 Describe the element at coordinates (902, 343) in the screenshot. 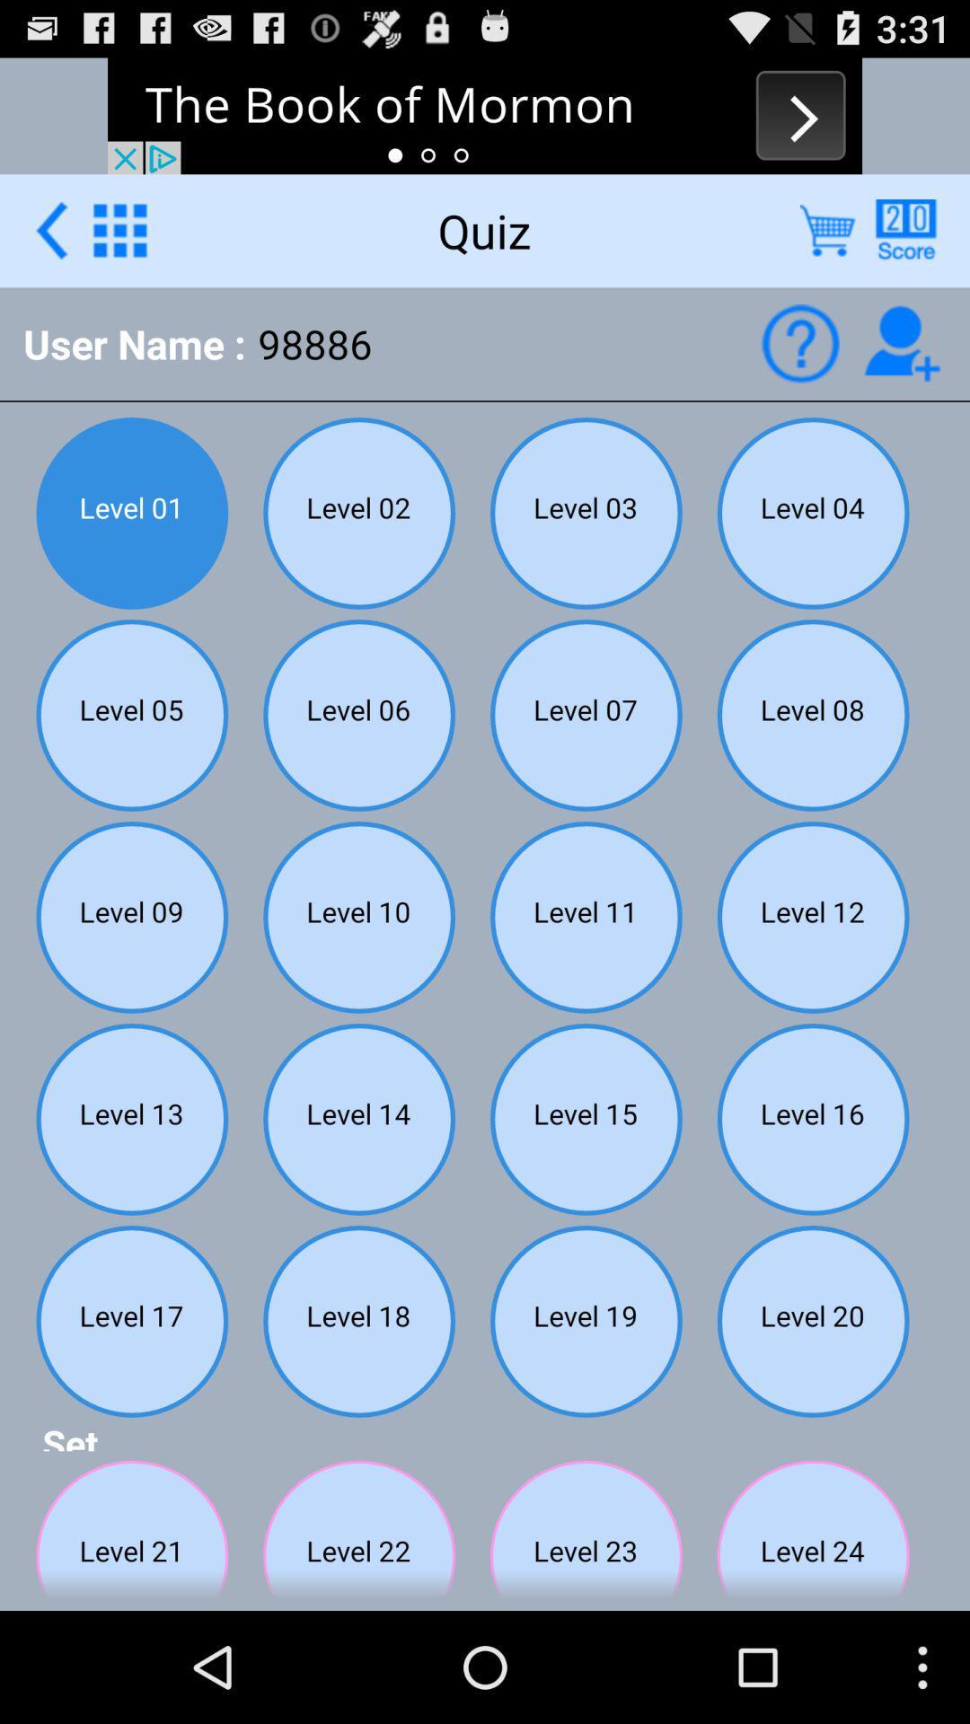

I see `con task` at that location.